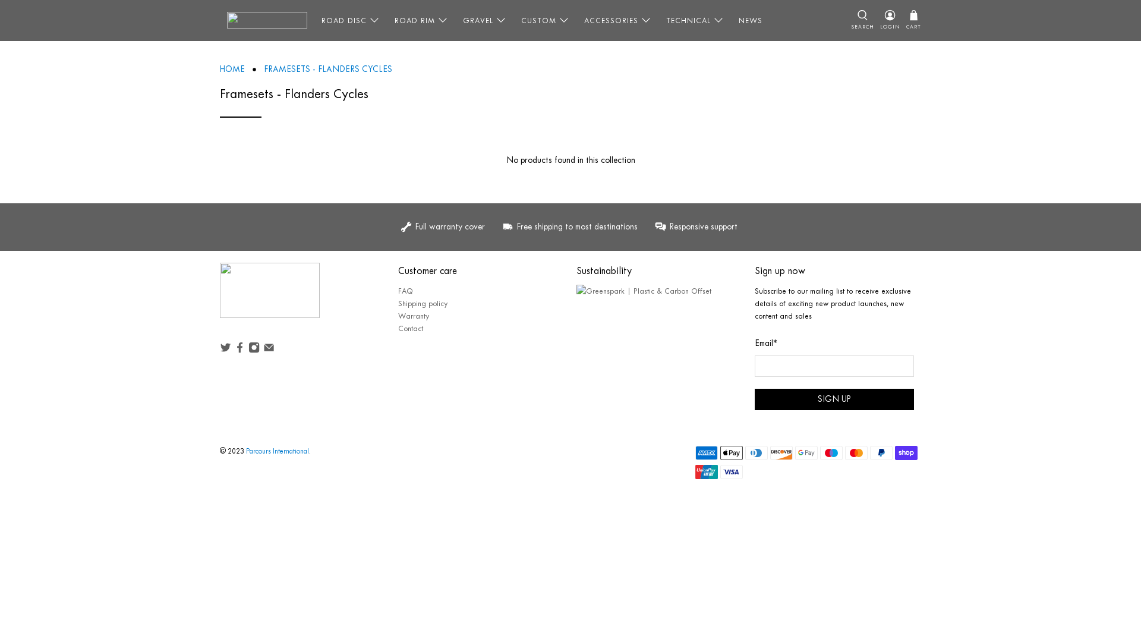 The height and width of the screenshot is (642, 1141). Describe the element at coordinates (219, 69) in the screenshot. I see `'HOME'` at that location.